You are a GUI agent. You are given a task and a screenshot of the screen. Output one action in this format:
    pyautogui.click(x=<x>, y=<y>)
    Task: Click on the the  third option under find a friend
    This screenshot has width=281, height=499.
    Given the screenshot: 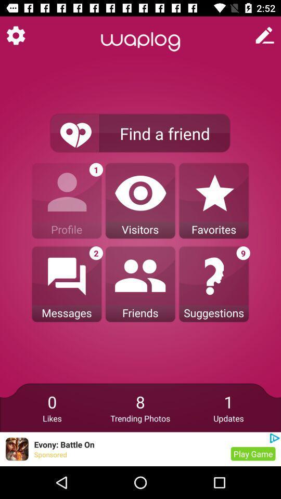 What is the action you would take?
    pyautogui.click(x=213, y=200)
    